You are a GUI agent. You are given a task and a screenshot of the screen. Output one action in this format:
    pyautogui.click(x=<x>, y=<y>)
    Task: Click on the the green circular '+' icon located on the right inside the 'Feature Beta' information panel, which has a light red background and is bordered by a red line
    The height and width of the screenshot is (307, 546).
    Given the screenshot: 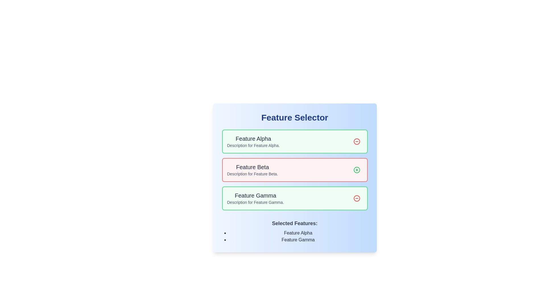 What is the action you would take?
    pyautogui.click(x=295, y=169)
    